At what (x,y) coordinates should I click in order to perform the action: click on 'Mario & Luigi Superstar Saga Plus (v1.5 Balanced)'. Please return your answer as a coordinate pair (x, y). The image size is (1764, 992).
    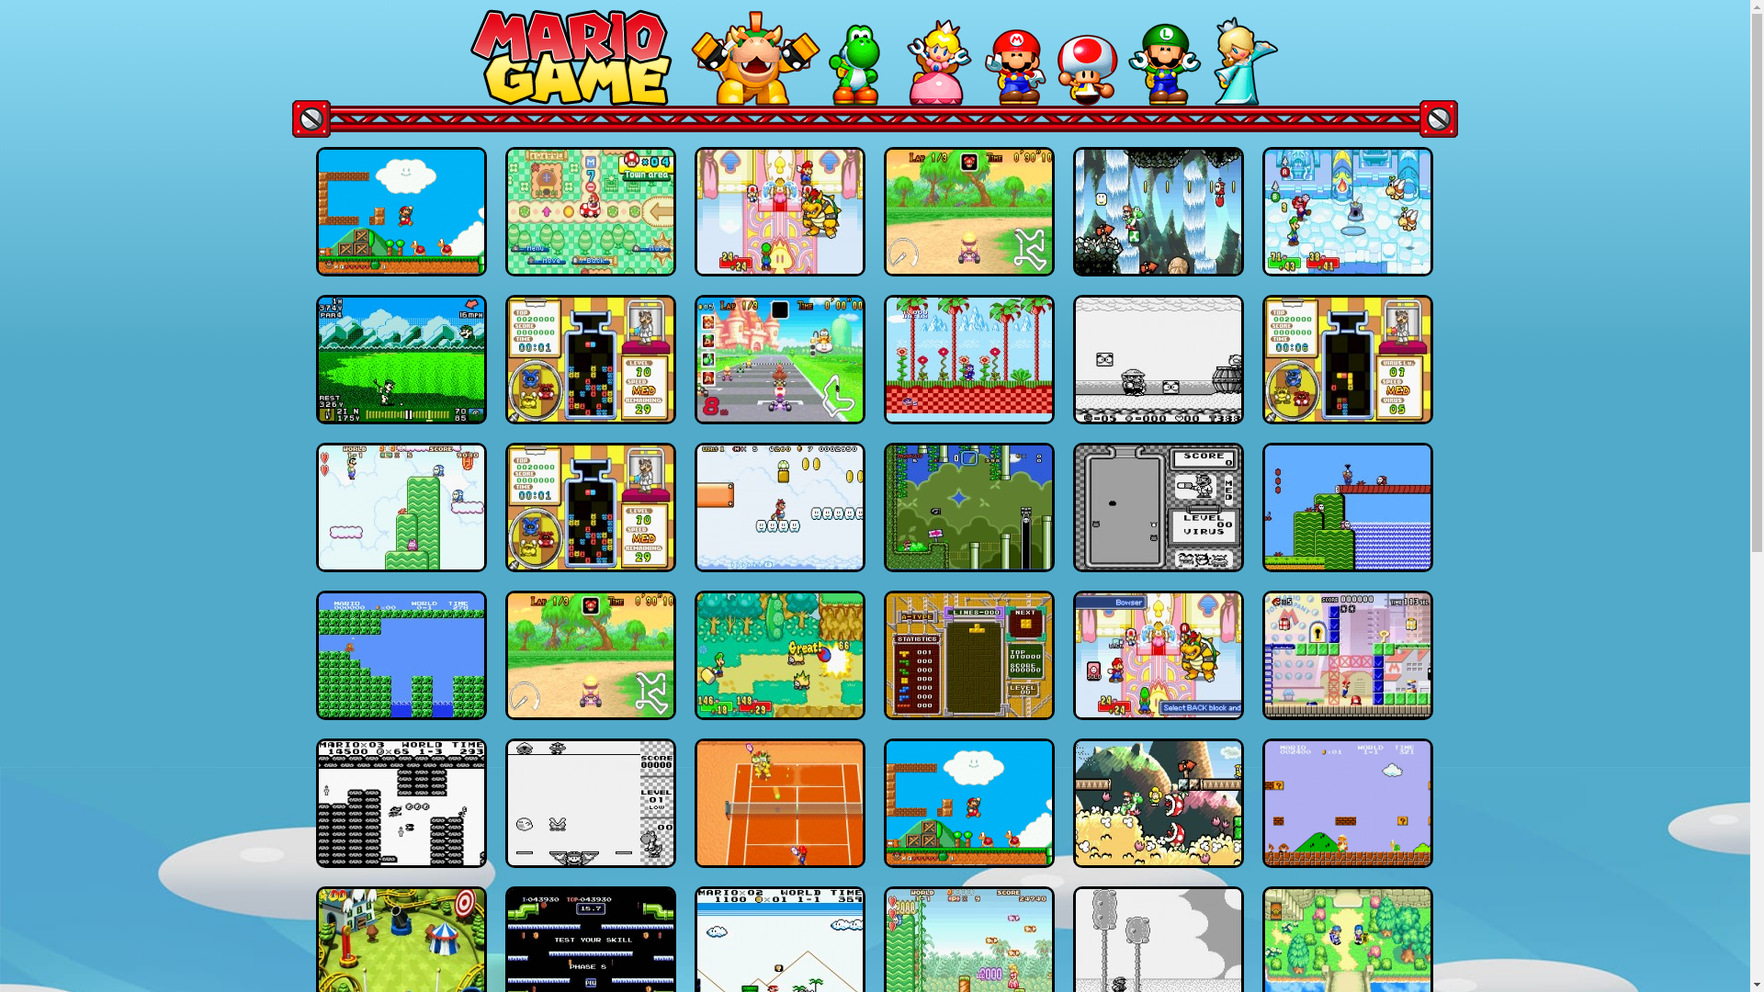
    Looking at the image, I should click on (1158, 652).